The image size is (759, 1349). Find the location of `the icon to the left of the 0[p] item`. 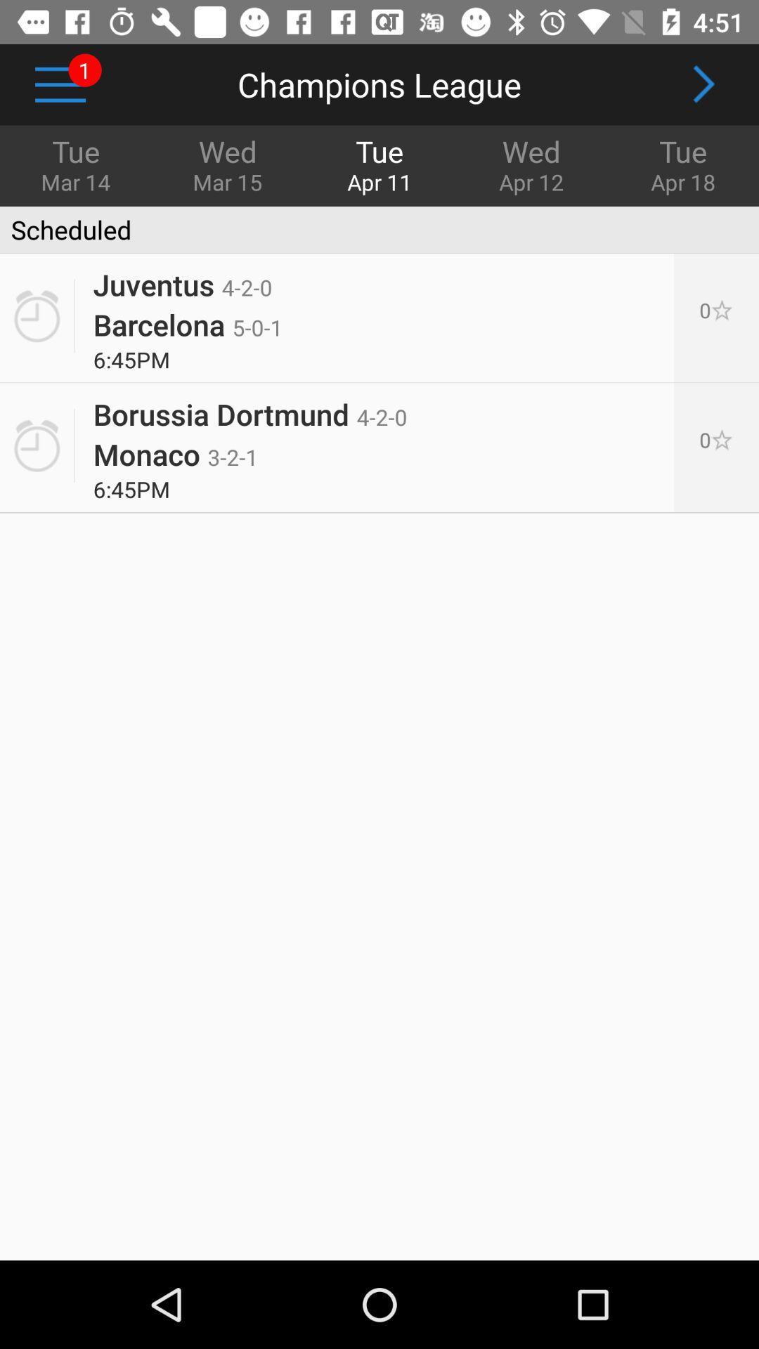

the icon to the left of the 0[p] item is located at coordinates (175, 454).